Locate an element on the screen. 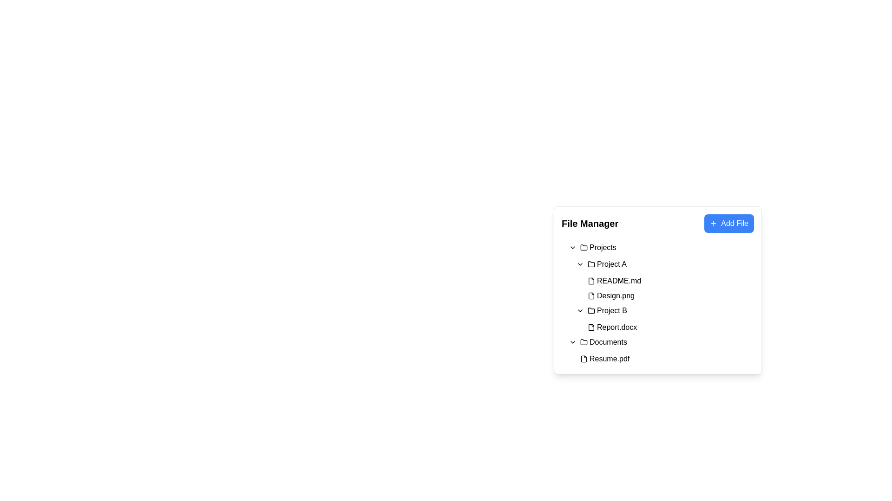  the small file icon with a thin outline and rounded edges, which is located next to the text 'README.md' is located at coordinates (590, 280).